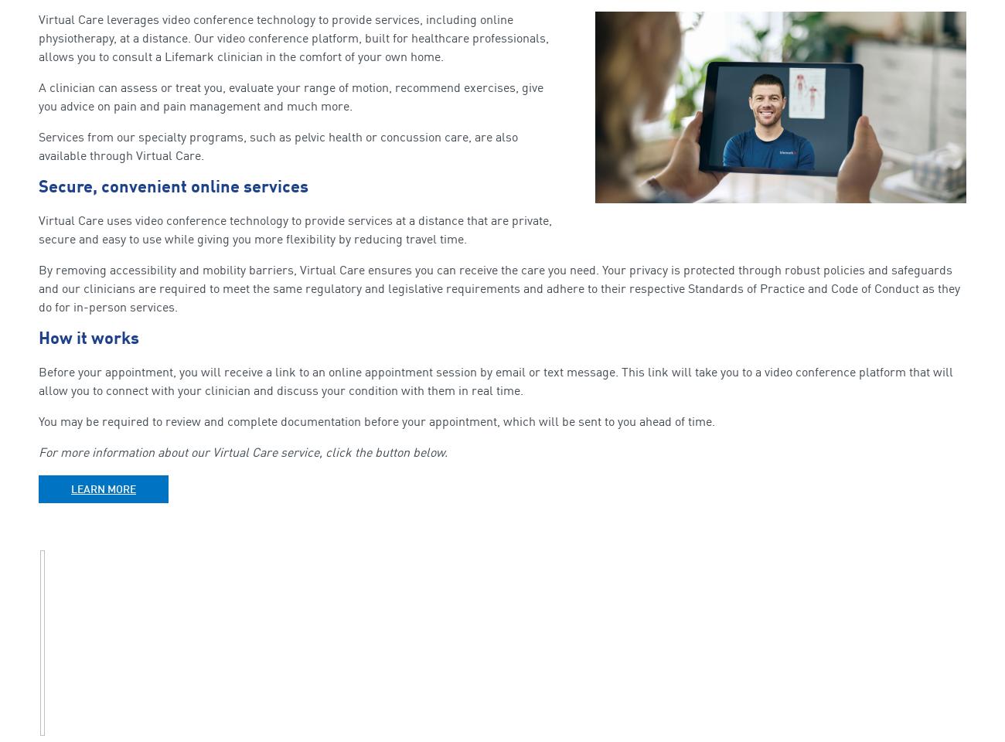 The height and width of the screenshot is (742, 1005). What do you see at coordinates (38, 146) in the screenshot?
I see `'Services from our specialty programs, such as pelvic health or concussion care, are also available through Virtual Care.'` at bounding box center [38, 146].